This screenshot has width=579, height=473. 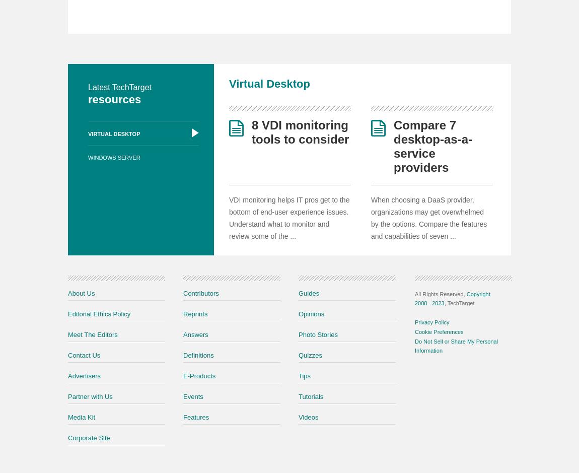 What do you see at coordinates (247, 83) in the screenshot?
I see `'Virtual'` at bounding box center [247, 83].